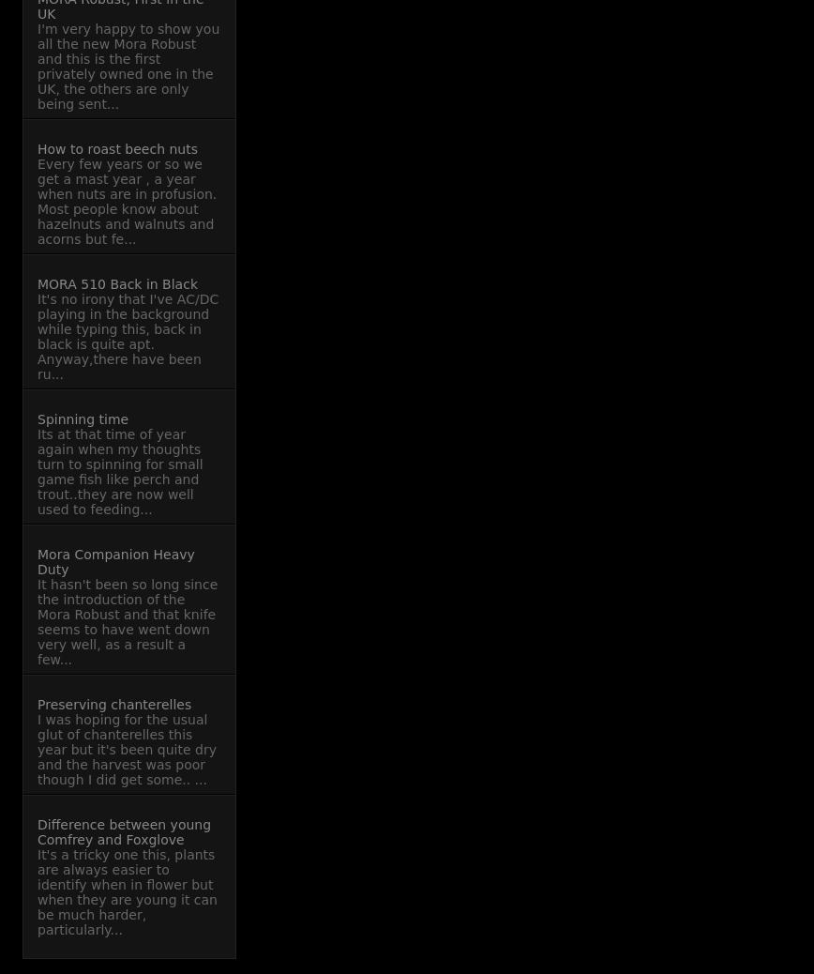 The height and width of the screenshot is (974, 814). What do you see at coordinates (127, 200) in the screenshot?
I see `'Every few years or so we get a mast year , a year when nuts are in profusion. Most people know about hazelnuts and walnuts and acorns but fe...'` at bounding box center [127, 200].